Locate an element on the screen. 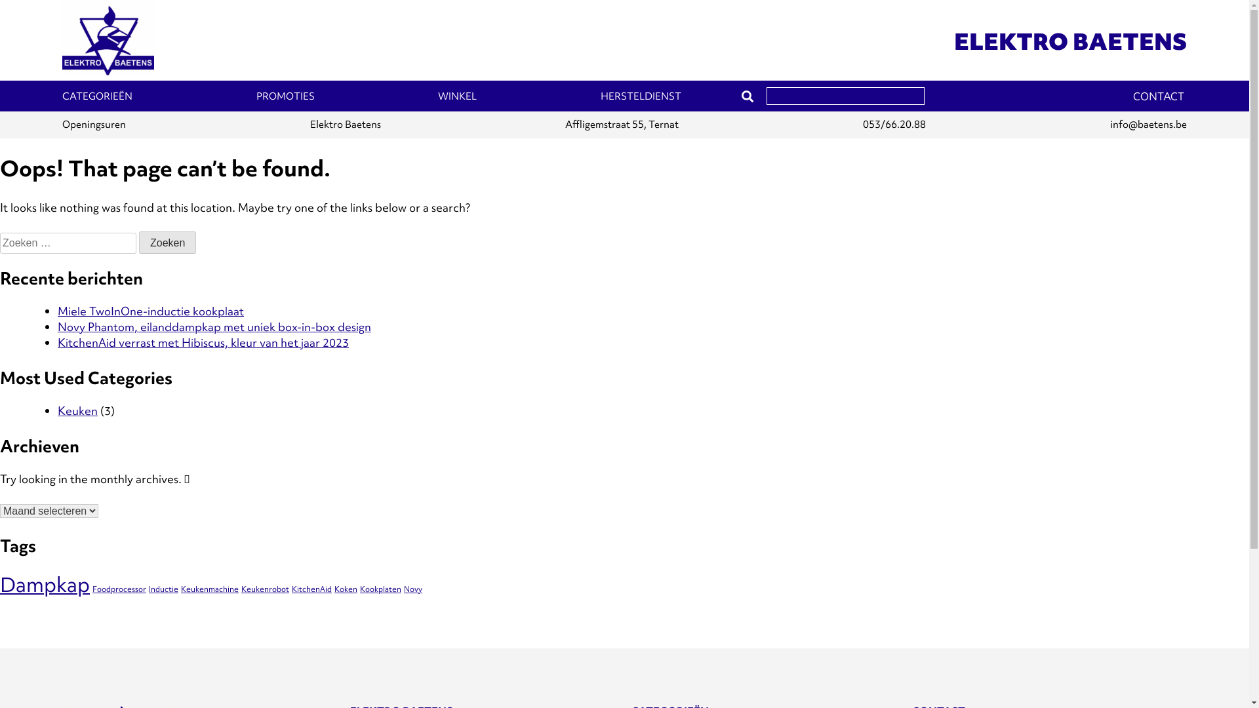 Image resolution: width=1259 pixels, height=708 pixels. 'CONTACT' is located at coordinates (1158, 96).